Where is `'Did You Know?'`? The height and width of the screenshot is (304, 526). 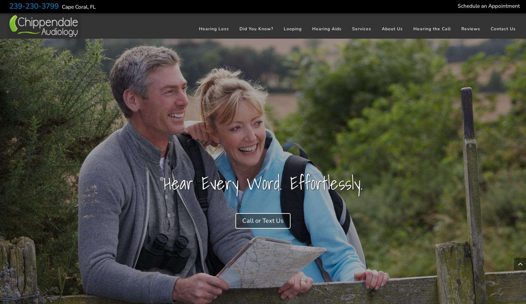
'Did You Know?' is located at coordinates (256, 28).